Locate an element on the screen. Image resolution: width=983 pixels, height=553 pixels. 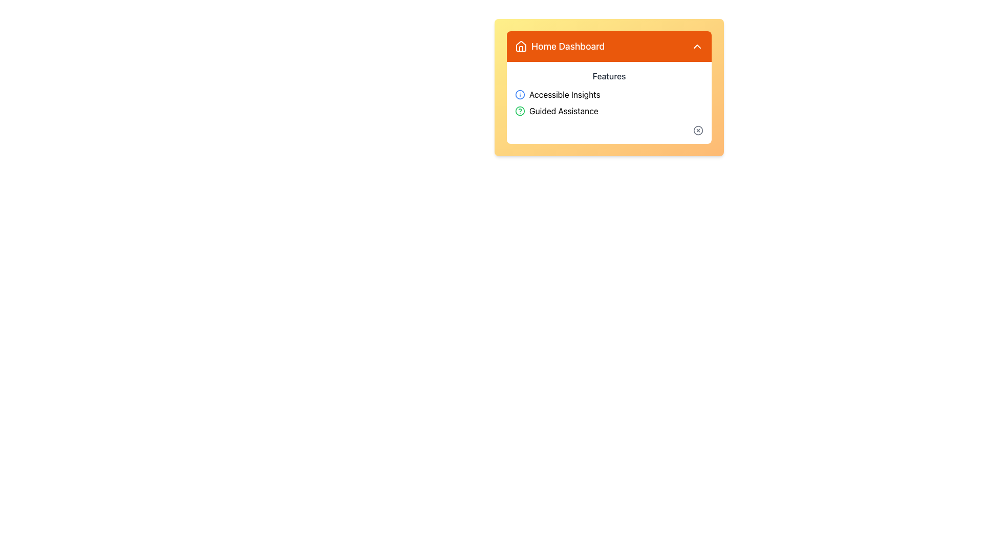
the text label 'Accessible Insights' under the 'Features' section is located at coordinates (564, 95).